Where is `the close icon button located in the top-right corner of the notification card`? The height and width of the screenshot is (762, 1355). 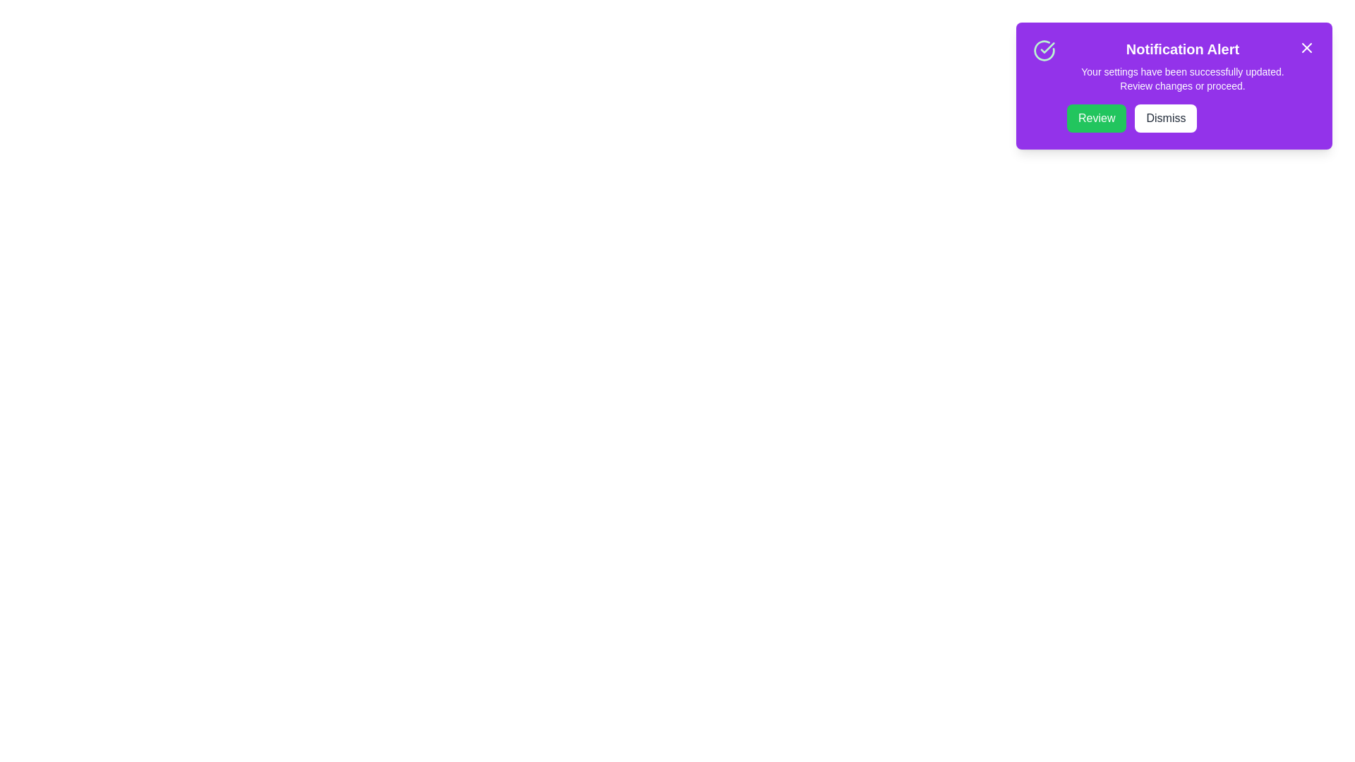
the close icon button located in the top-right corner of the notification card is located at coordinates (1306, 47).